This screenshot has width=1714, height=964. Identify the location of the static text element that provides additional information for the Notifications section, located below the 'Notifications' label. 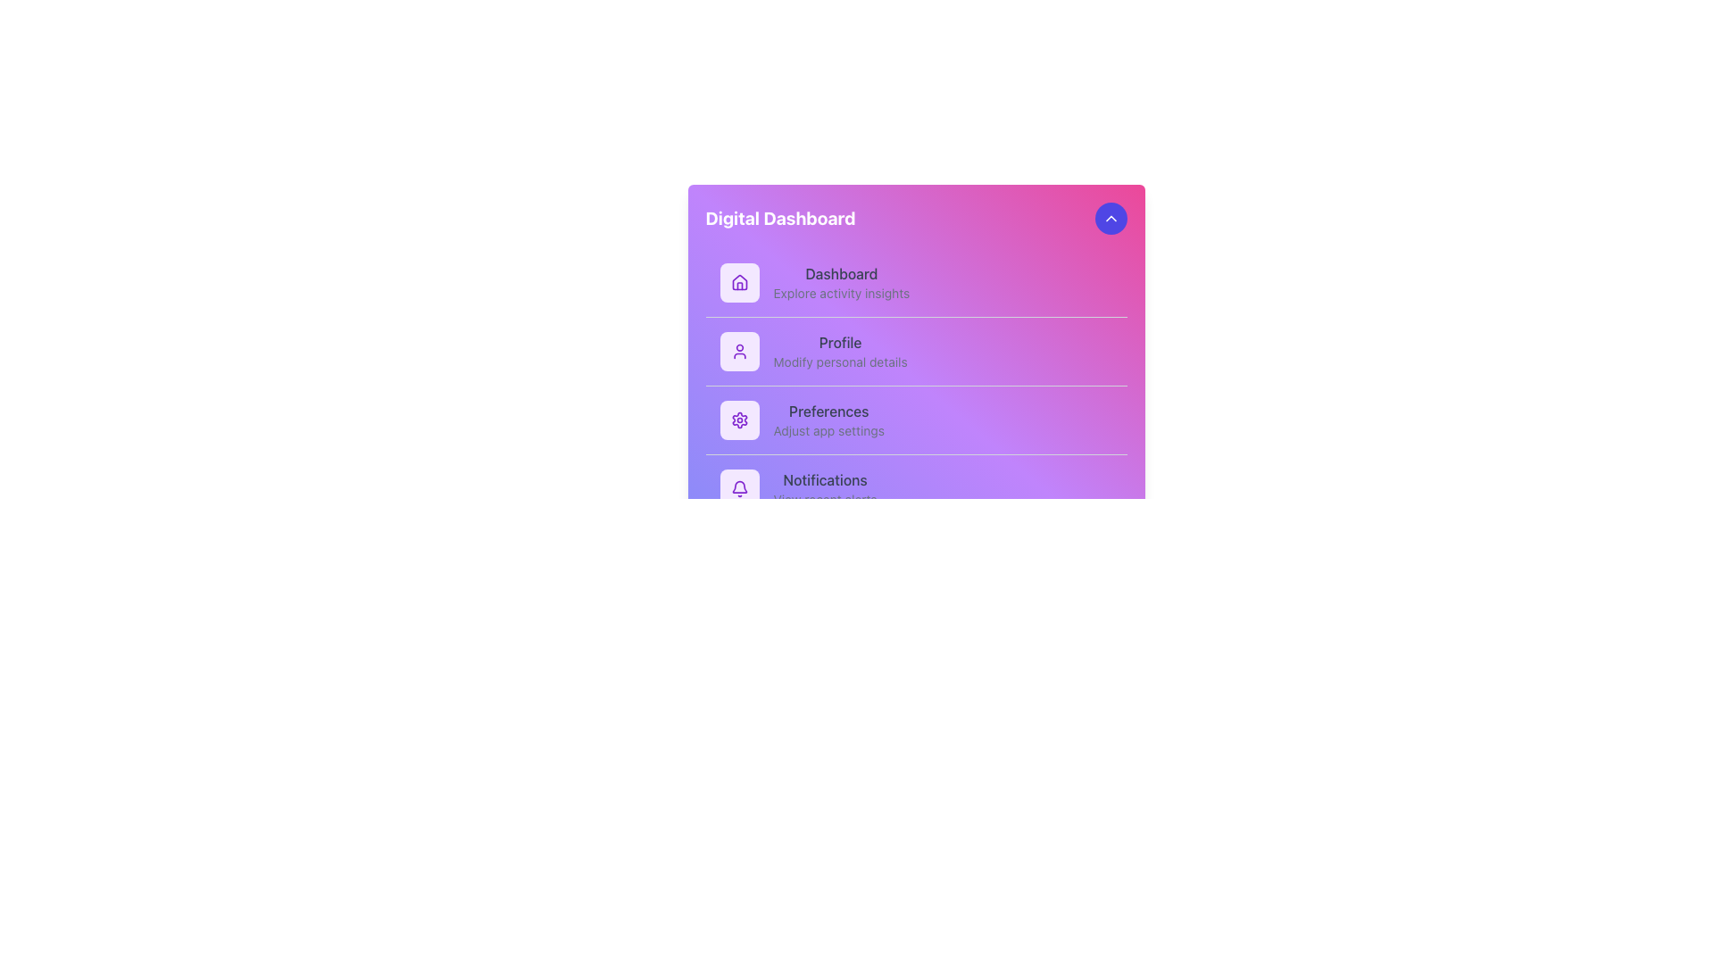
(824, 499).